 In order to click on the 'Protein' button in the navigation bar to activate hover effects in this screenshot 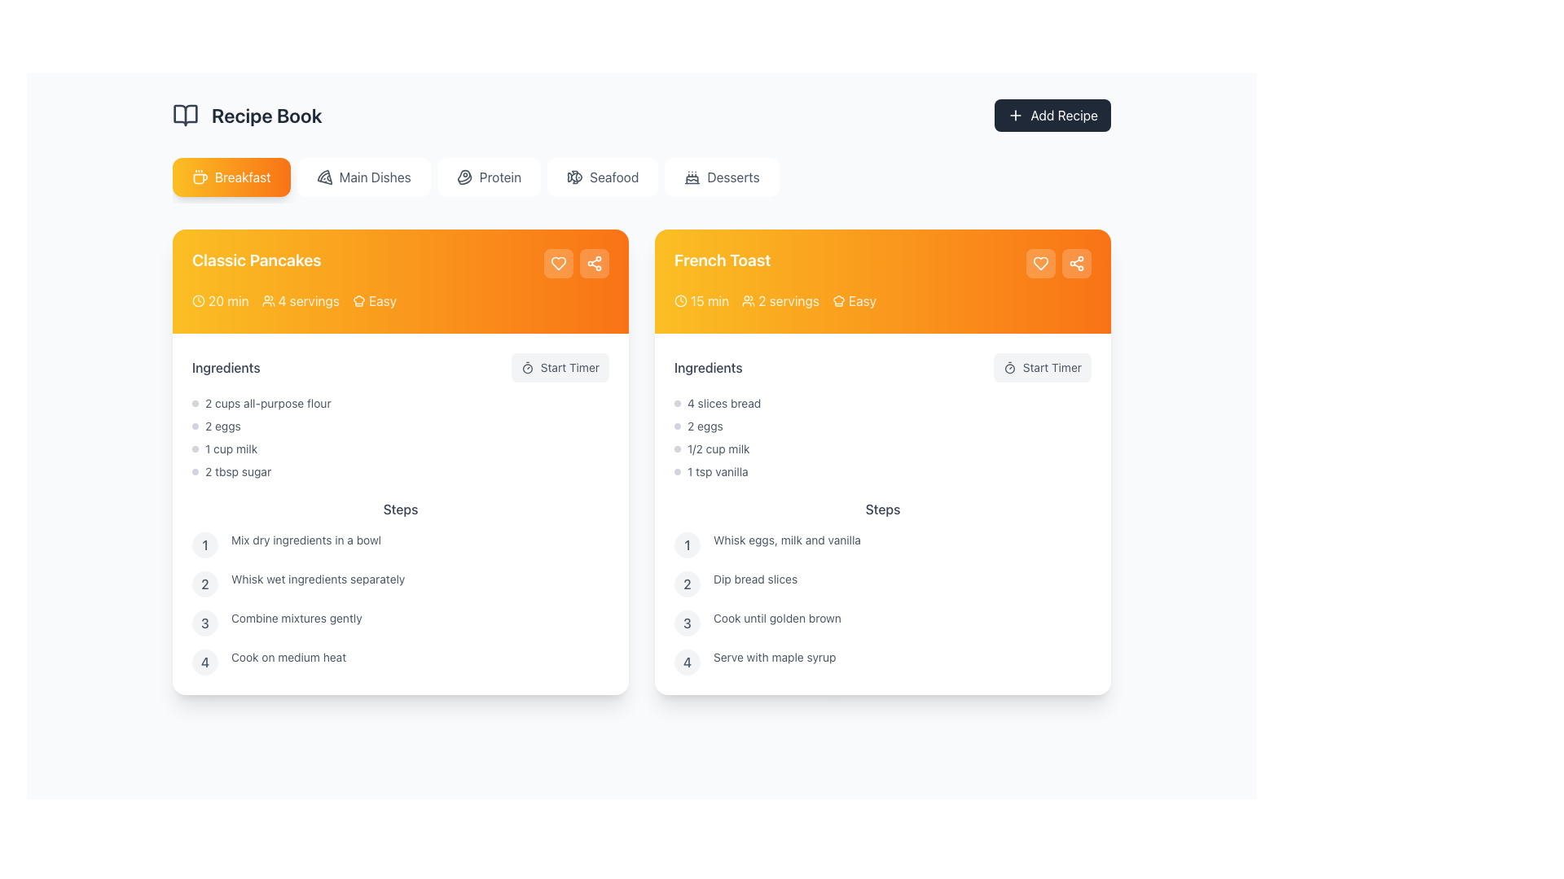, I will do `click(488, 177)`.